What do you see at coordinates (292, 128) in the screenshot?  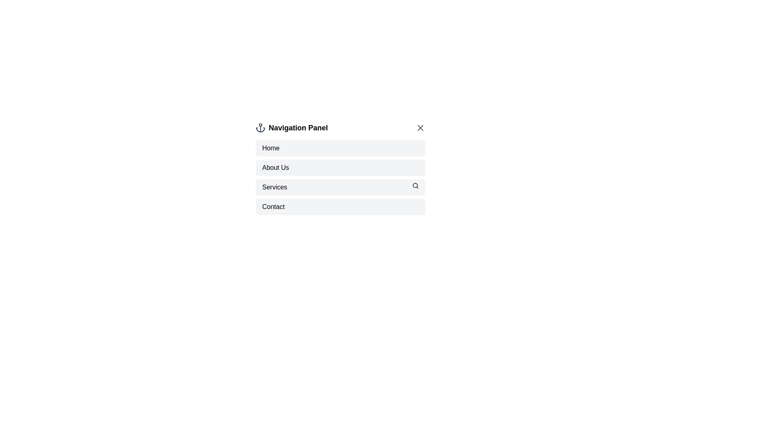 I see `the Header element that includes a gray anchor icon and the bold text 'Navigation Panel', which is positioned at the top of the navigation menu` at bounding box center [292, 128].